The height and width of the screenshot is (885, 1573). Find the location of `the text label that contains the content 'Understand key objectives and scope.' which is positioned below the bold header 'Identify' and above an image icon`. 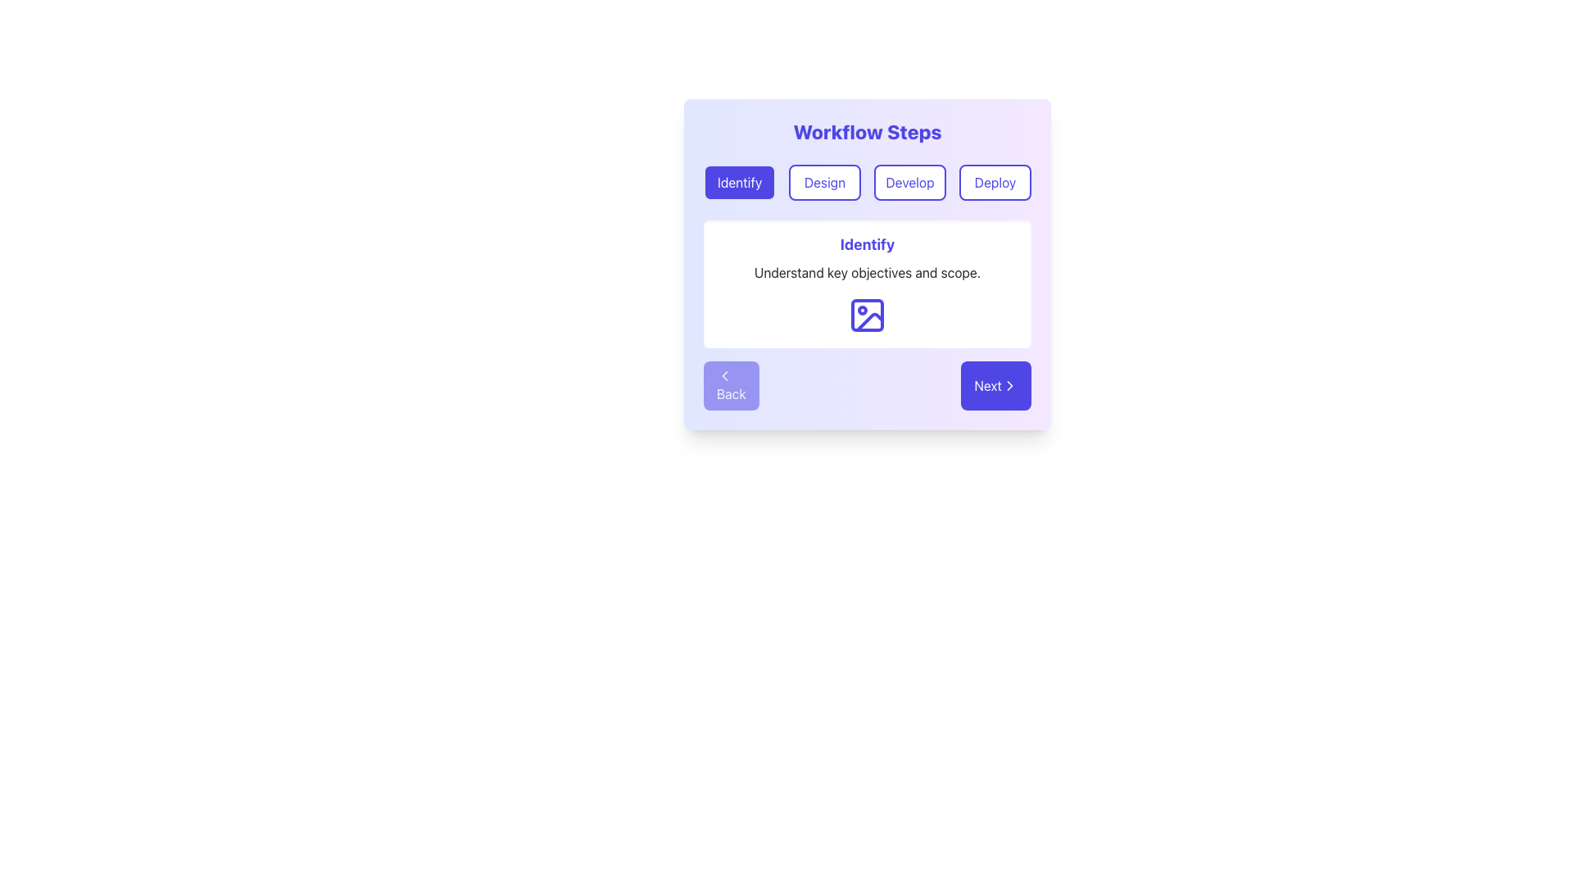

the text label that contains the content 'Understand key objectives and scope.' which is positioned below the bold header 'Identify' and above an image icon is located at coordinates (867, 271).